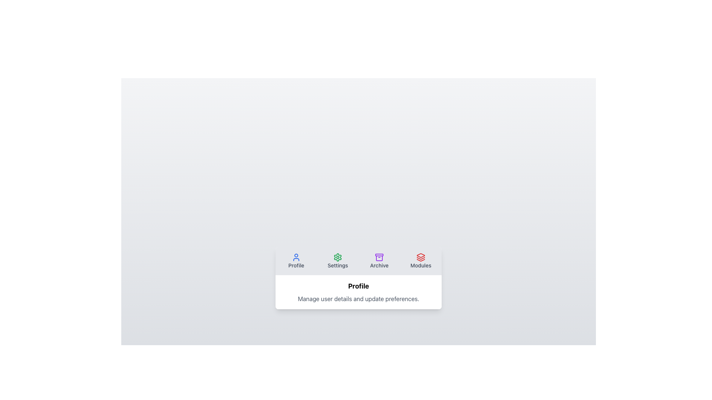 The image size is (712, 400). Describe the element at coordinates (337, 261) in the screenshot. I see `the navigation tab for accessing application settings, which is the second tab in the navigation menu located between the 'Profile' and 'Archive' options` at that location.